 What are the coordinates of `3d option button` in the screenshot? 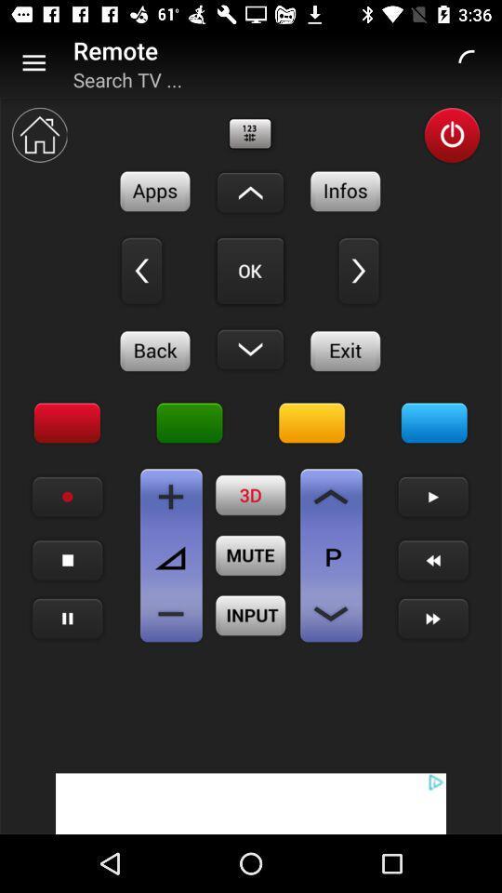 It's located at (251, 494).